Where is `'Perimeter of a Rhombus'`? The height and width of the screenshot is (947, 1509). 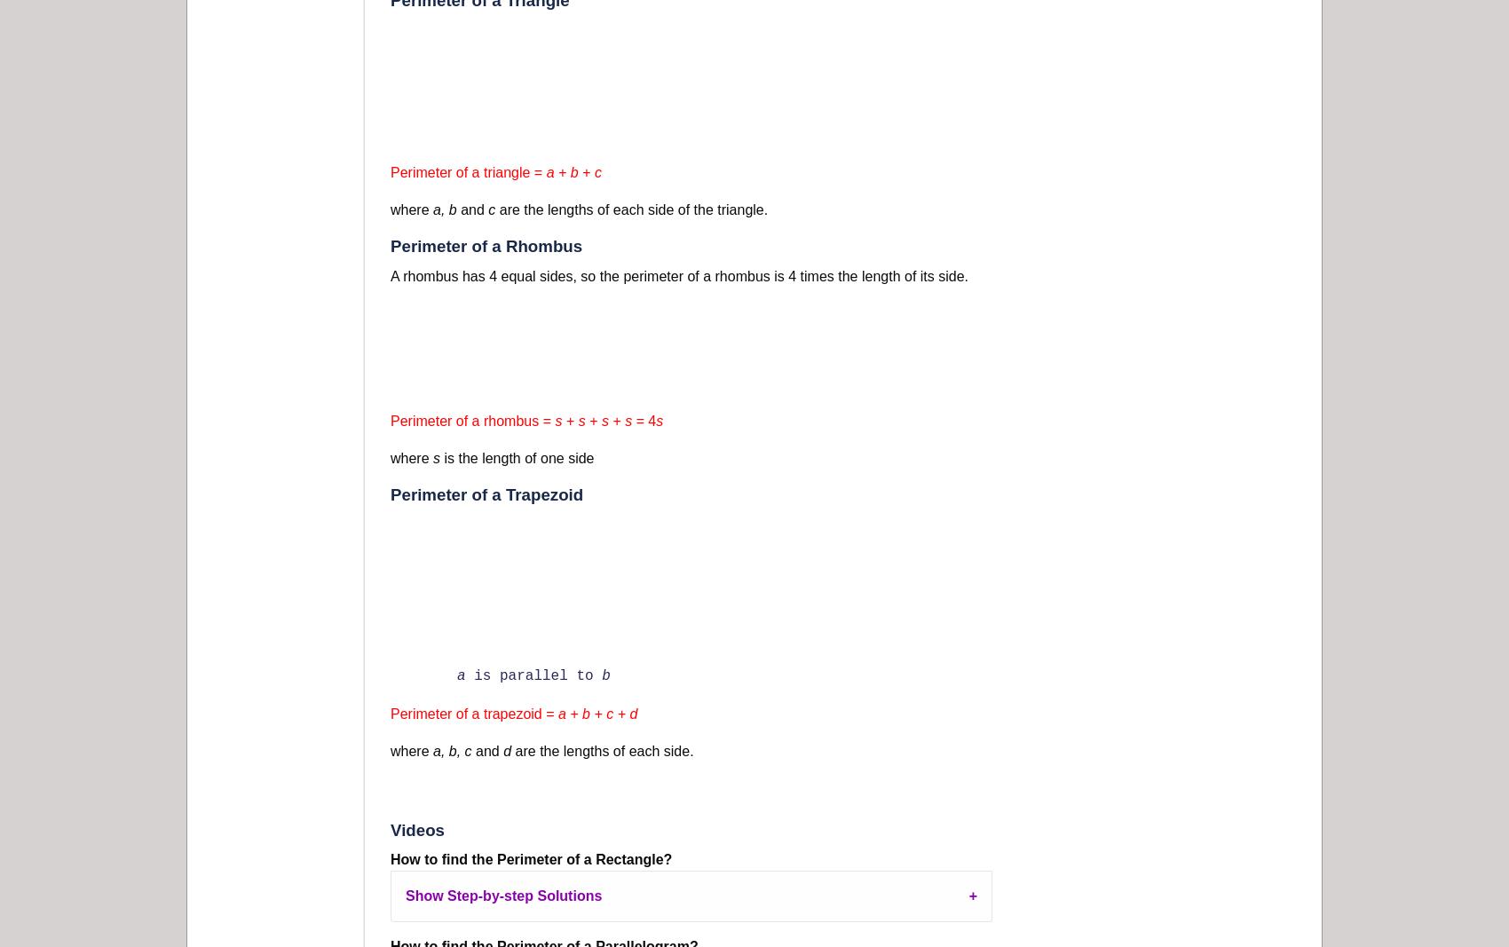
'Perimeter of a Rhombus' is located at coordinates (486, 246).